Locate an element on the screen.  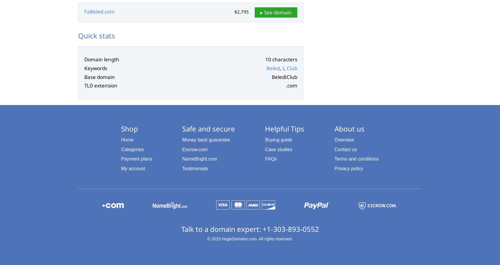
'Domain length' is located at coordinates (102, 59).